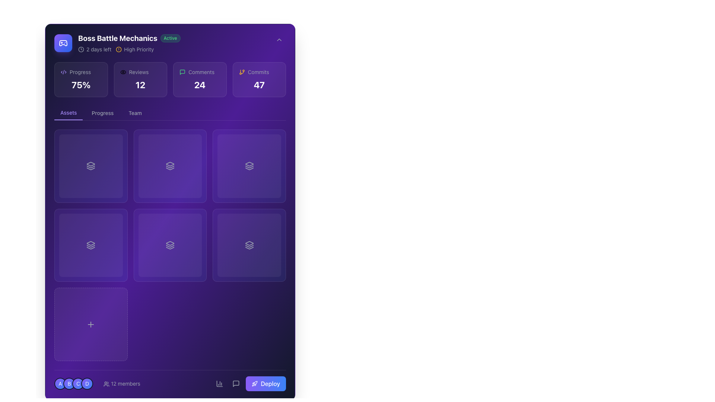 This screenshot has height=402, width=715. What do you see at coordinates (279, 40) in the screenshot?
I see `the downward-pointing chevron icon located at the top-right corner of the user interface, which is styled in gray and serves as an interactive visual indicator` at bounding box center [279, 40].